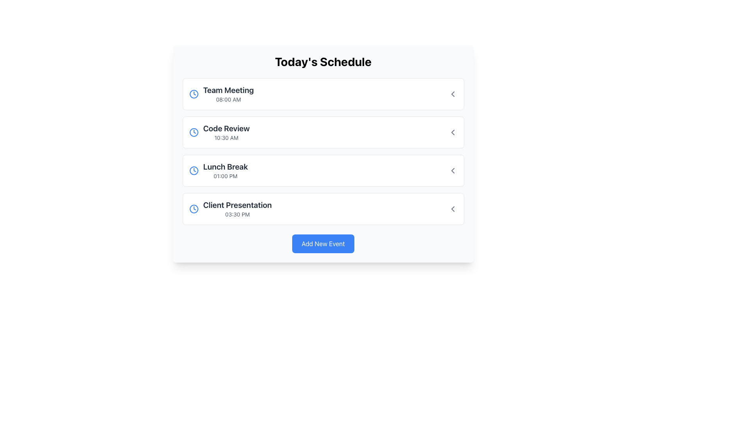 The image size is (751, 422). Describe the element at coordinates (453, 170) in the screenshot. I see `the arrow icon button for expanding or collapsing details related to the 'Lunch Break 01:00 PM' schedule entry, located to the right of the text '01:00 PM'` at that location.